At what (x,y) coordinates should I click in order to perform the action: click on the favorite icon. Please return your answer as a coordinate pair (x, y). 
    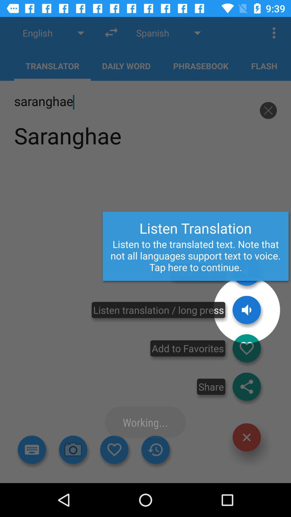
    Looking at the image, I should click on (247, 348).